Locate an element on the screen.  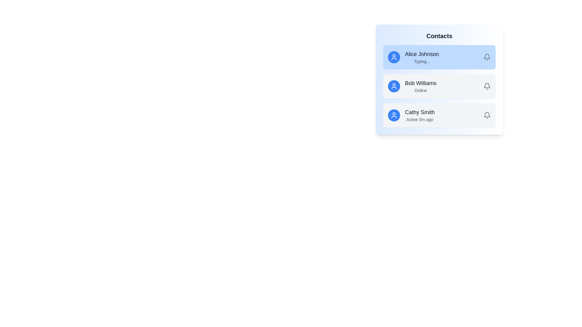
the notification icon in the SVG group that is part of the 'Bob Williams' entry in the 'Contacts' interface, located towards the right edge of the row is located at coordinates (487, 114).